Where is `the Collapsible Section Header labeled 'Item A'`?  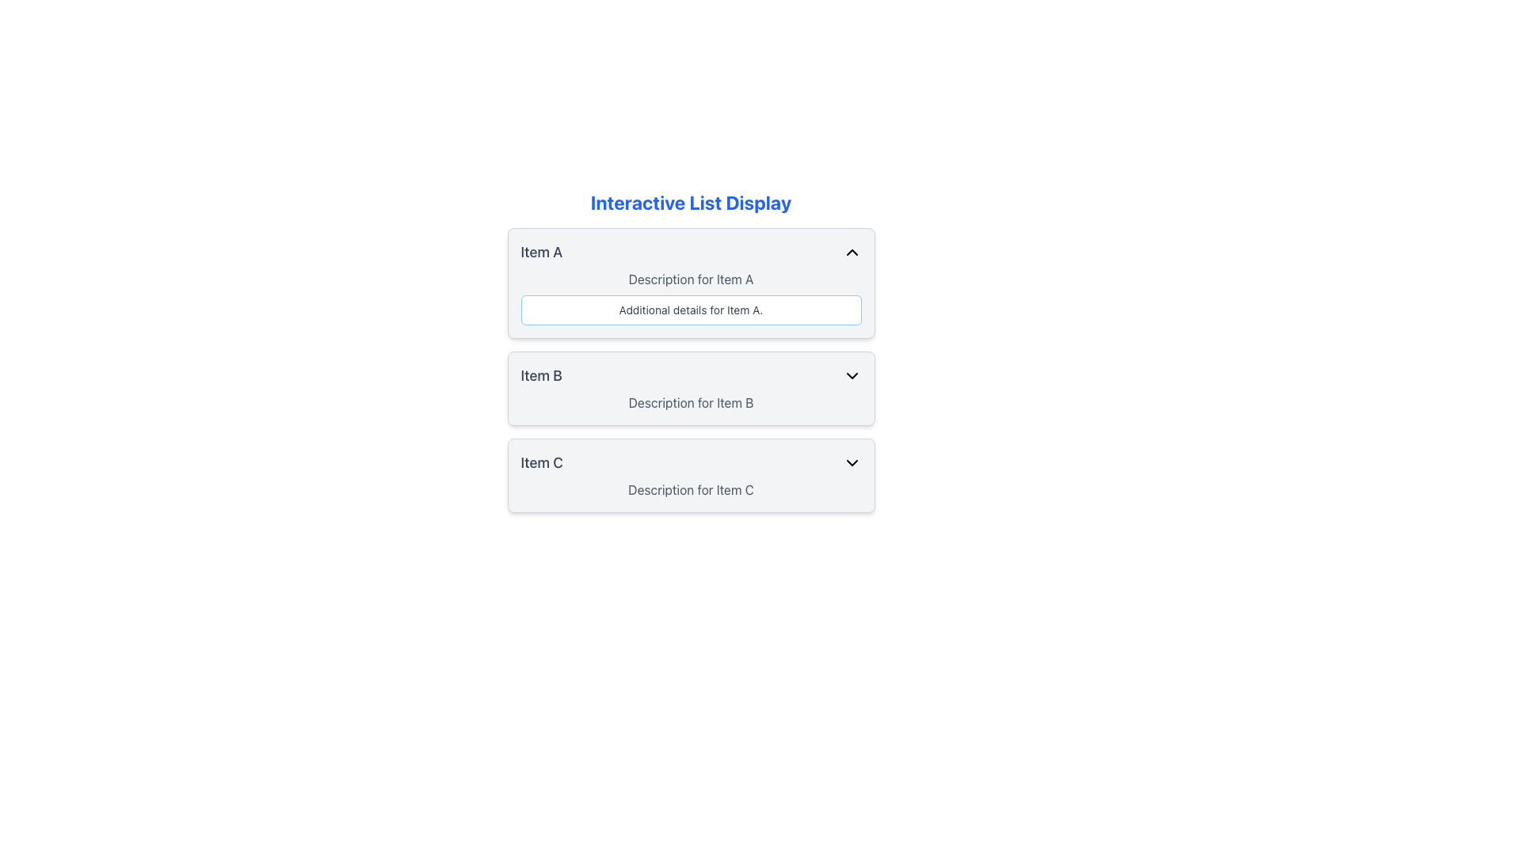
the Collapsible Section Header labeled 'Item A' is located at coordinates (691, 252).